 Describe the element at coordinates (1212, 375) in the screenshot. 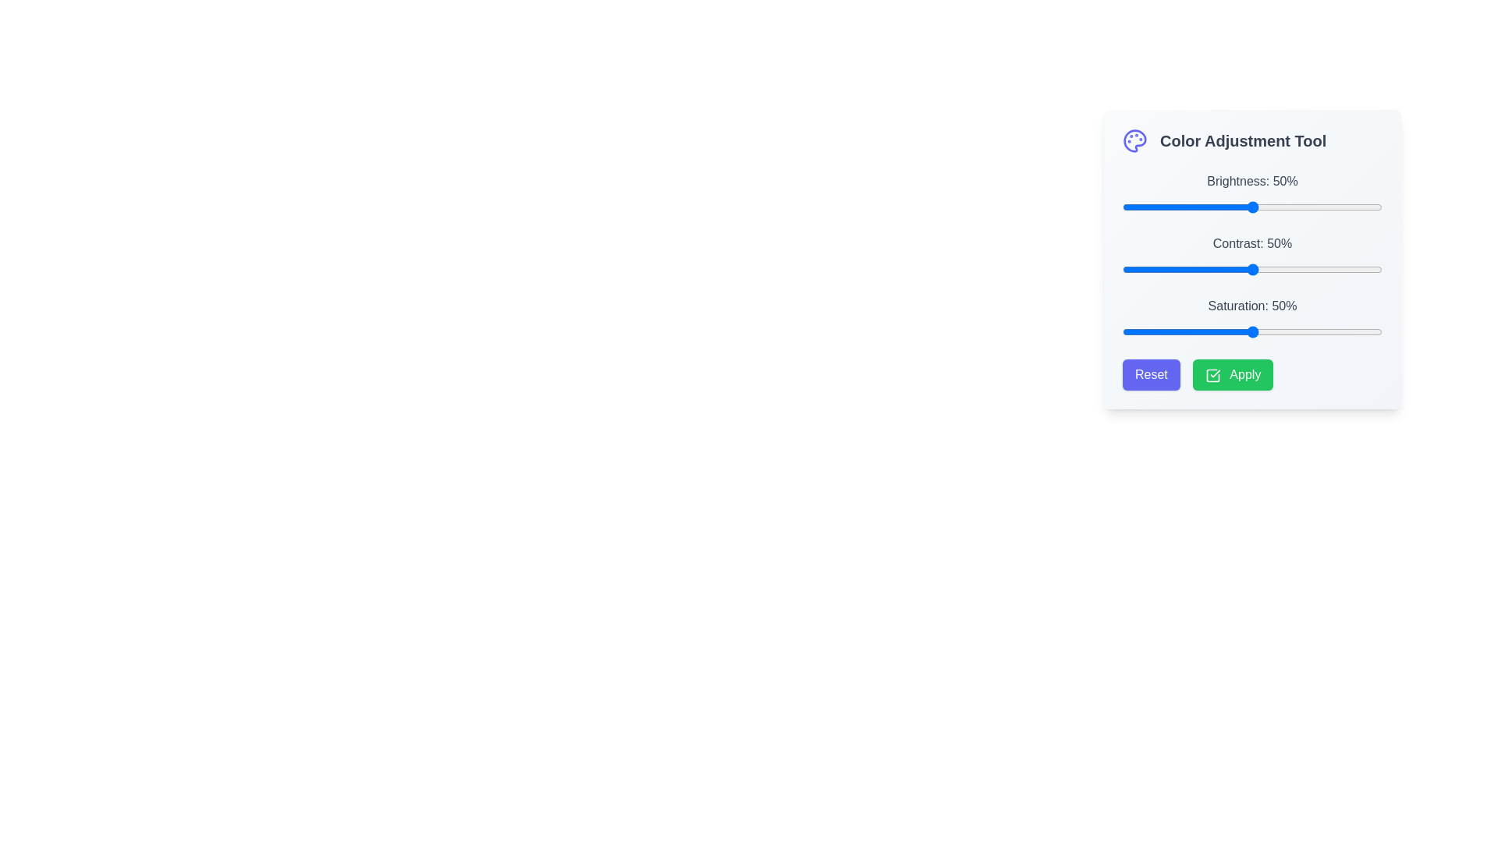

I see `the green 'Apply' button located towards the bottom-right corner of the interface, which is aligned horizontally next to the purple 'Reset' button` at that location.